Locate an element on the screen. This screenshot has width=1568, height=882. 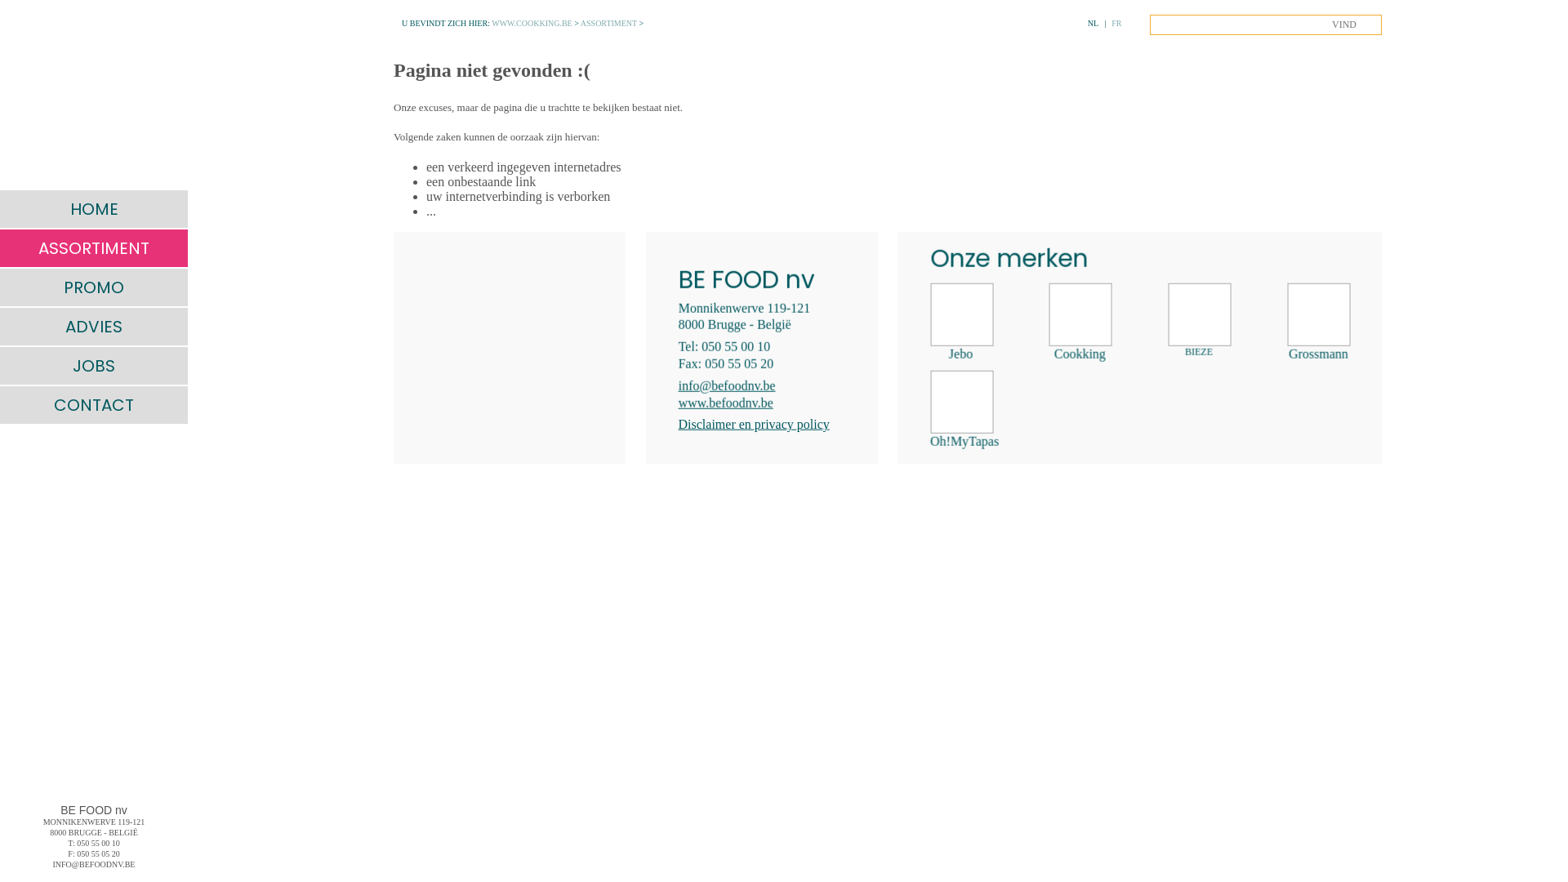
'ASSORTIMENT' is located at coordinates (0, 248).